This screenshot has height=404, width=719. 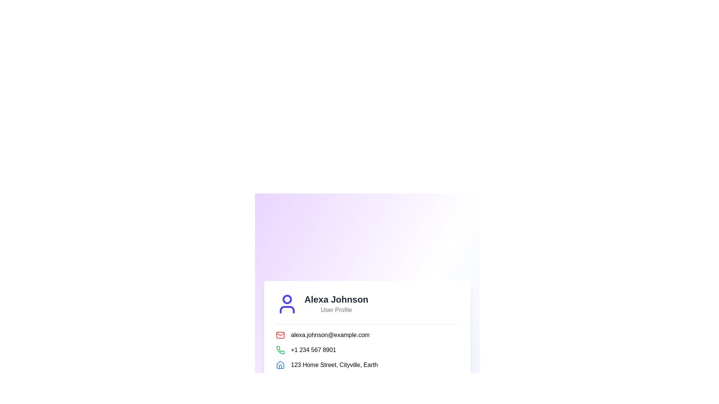 I want to click on the address display text '123 Home Street, Cityville, Earth' located to the right of the blue house icon to copy the address, so click(x=367, y=364).